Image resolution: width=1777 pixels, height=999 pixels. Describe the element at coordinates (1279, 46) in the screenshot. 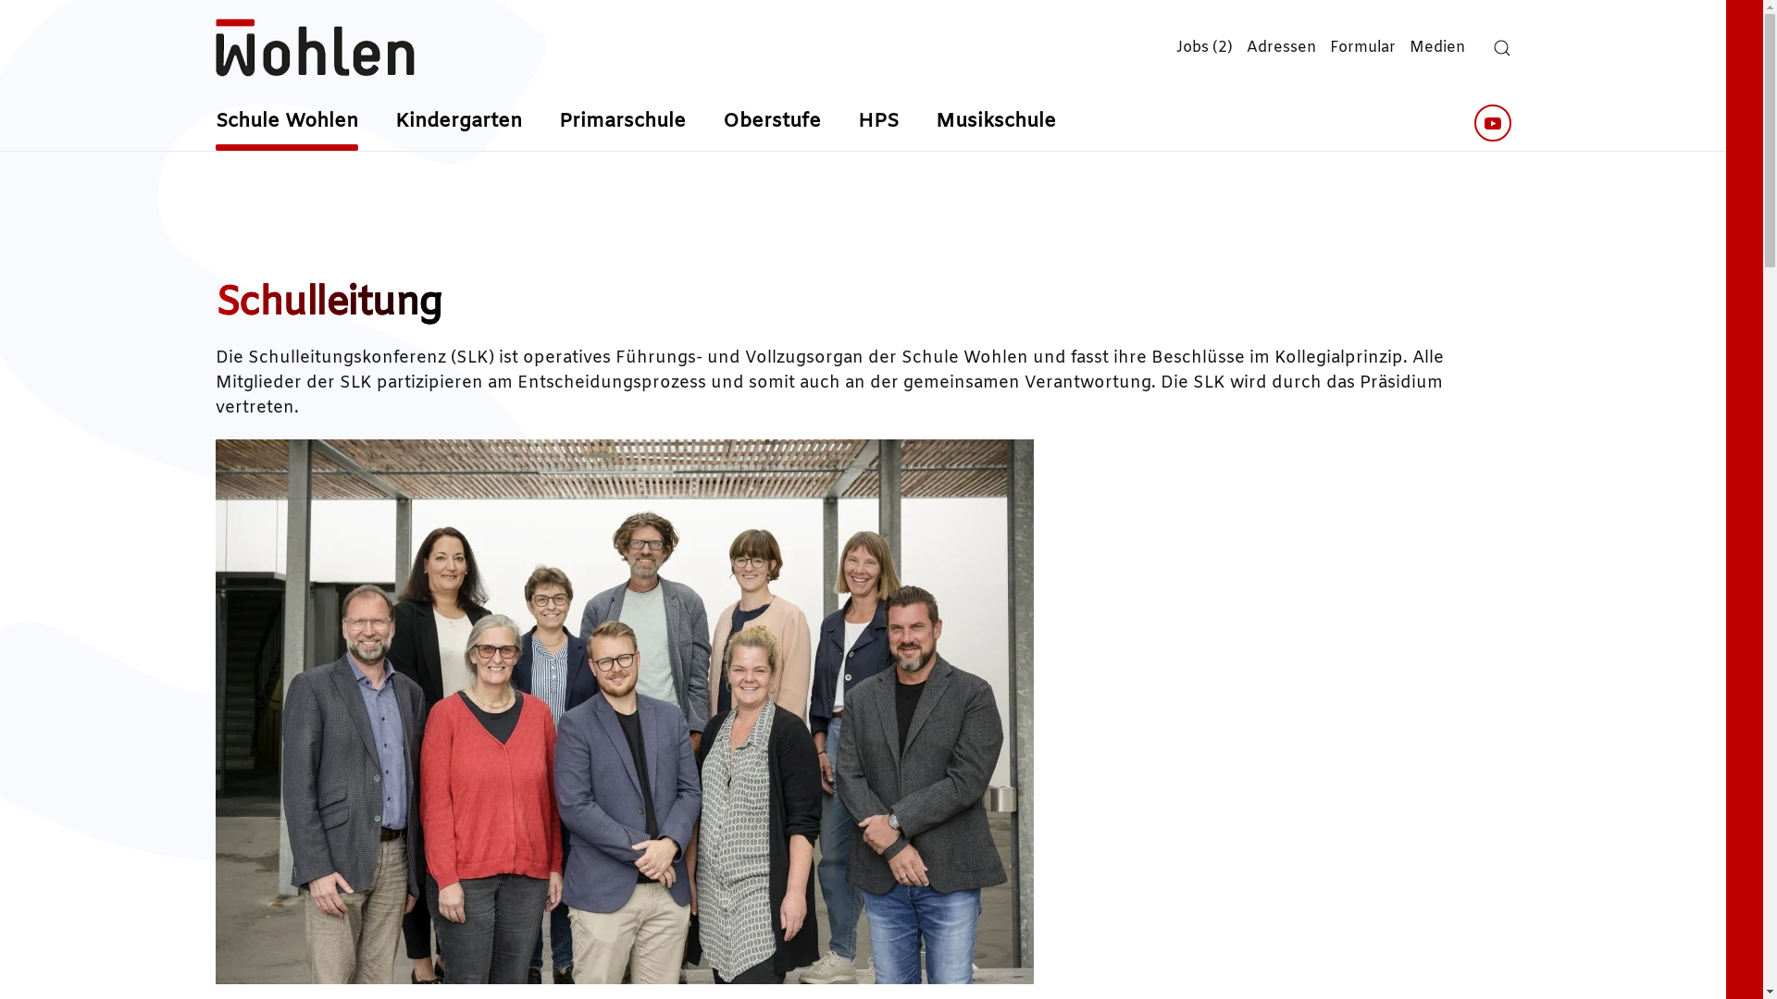

I see `'Adressen'` at that location.